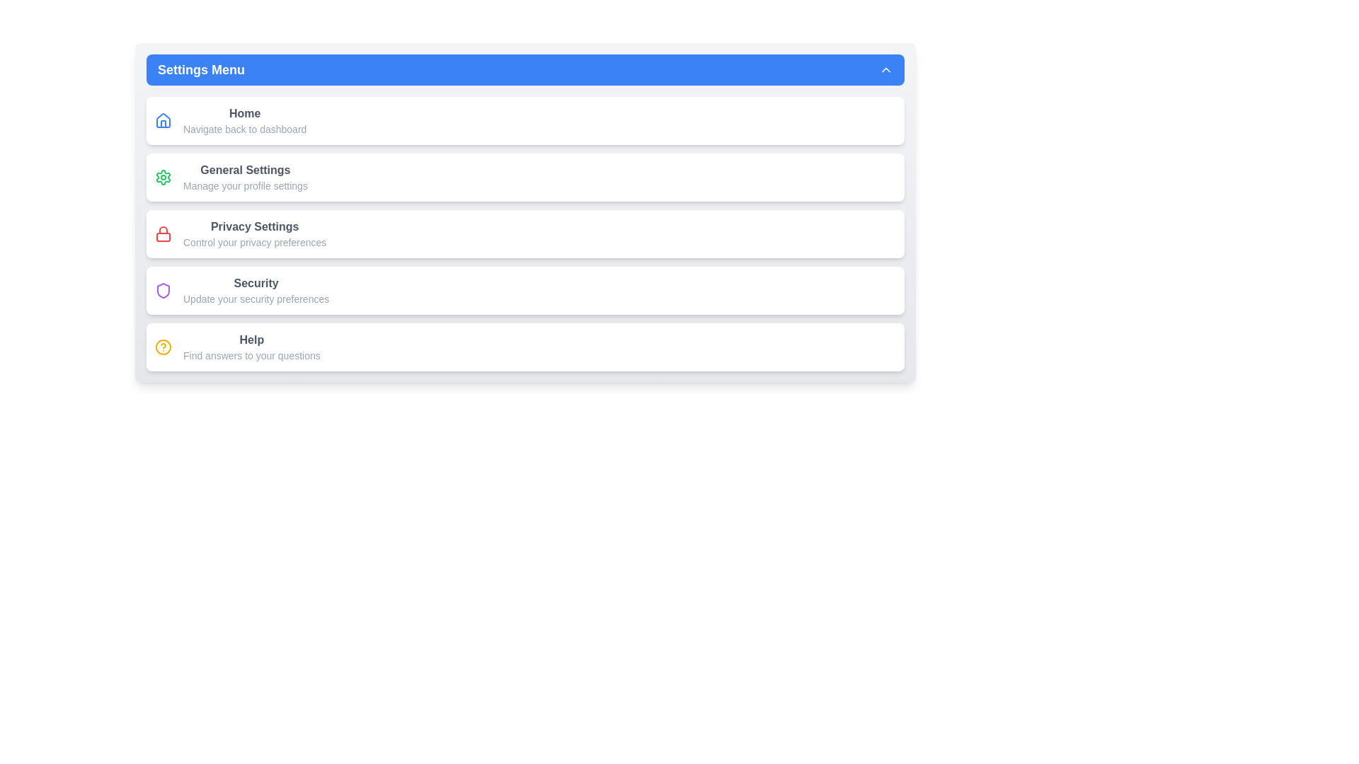 The width and height of the screenshot is (1359, 764). I want to click on the text label displaying 'Find answers to your questions', which is styled in a small, light gray font and positioned directly below the 'Help' title in the settings menu, so click(251, 354).